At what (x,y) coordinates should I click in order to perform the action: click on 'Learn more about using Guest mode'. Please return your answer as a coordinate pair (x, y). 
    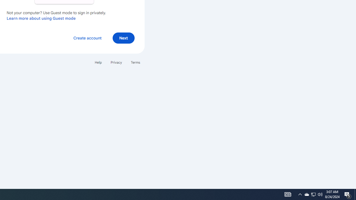
    Looking at the image, I should click on (41, 18).